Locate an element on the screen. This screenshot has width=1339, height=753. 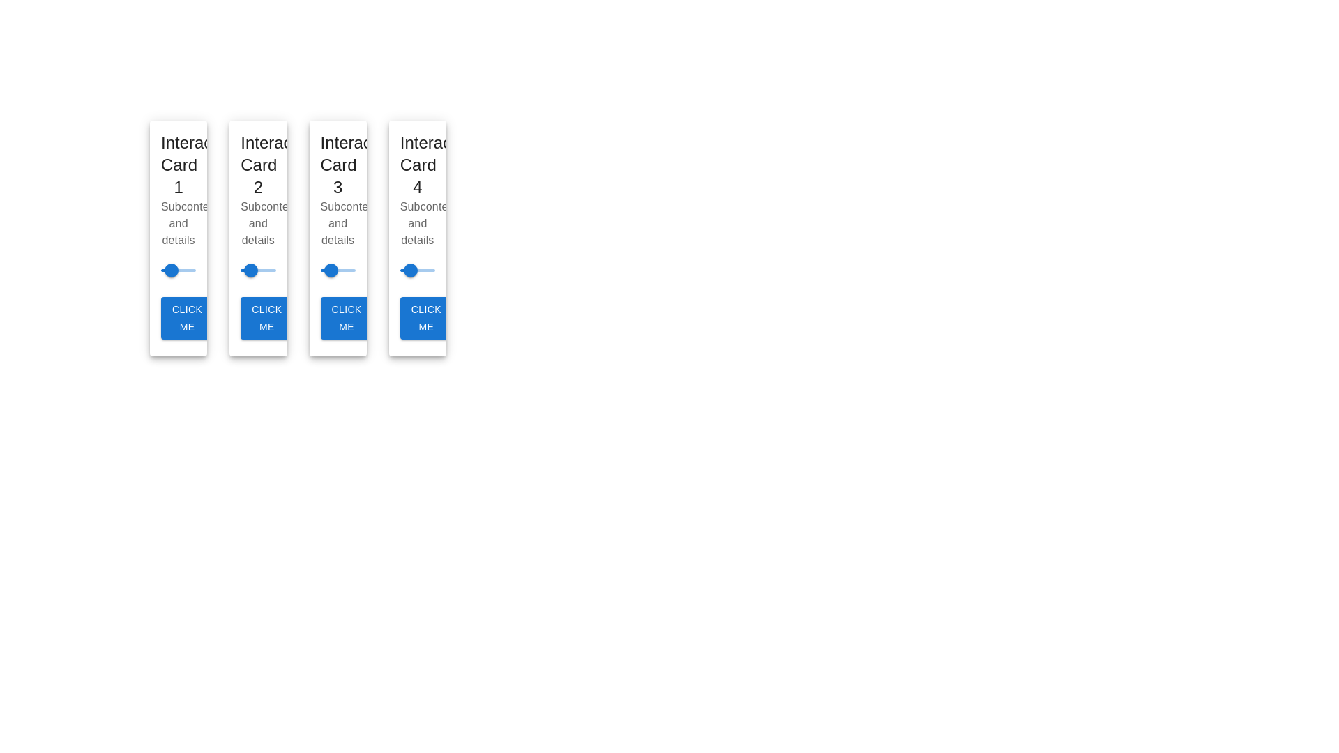
the multi-line static text saying 'Subcontent and details' located in 'Interactive Card 4' below the title and above the slider and button labeled 'Click Me' is located at coordinates (416, 223).